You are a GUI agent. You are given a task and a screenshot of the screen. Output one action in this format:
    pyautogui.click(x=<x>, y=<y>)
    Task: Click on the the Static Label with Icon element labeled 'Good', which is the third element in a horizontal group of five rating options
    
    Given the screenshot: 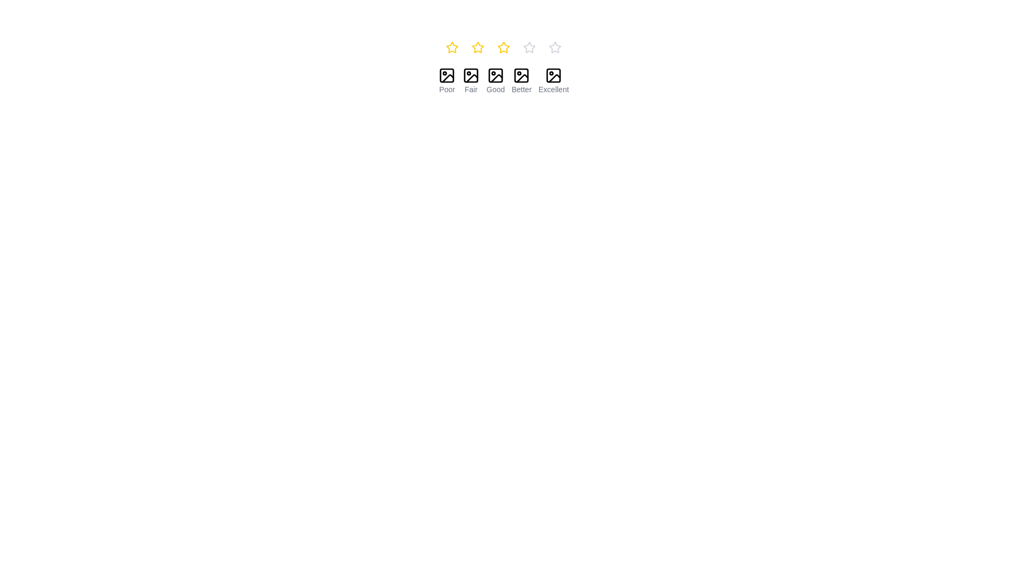 What is the action you would take?
    pyautogui.click(x=495, y=80)
    